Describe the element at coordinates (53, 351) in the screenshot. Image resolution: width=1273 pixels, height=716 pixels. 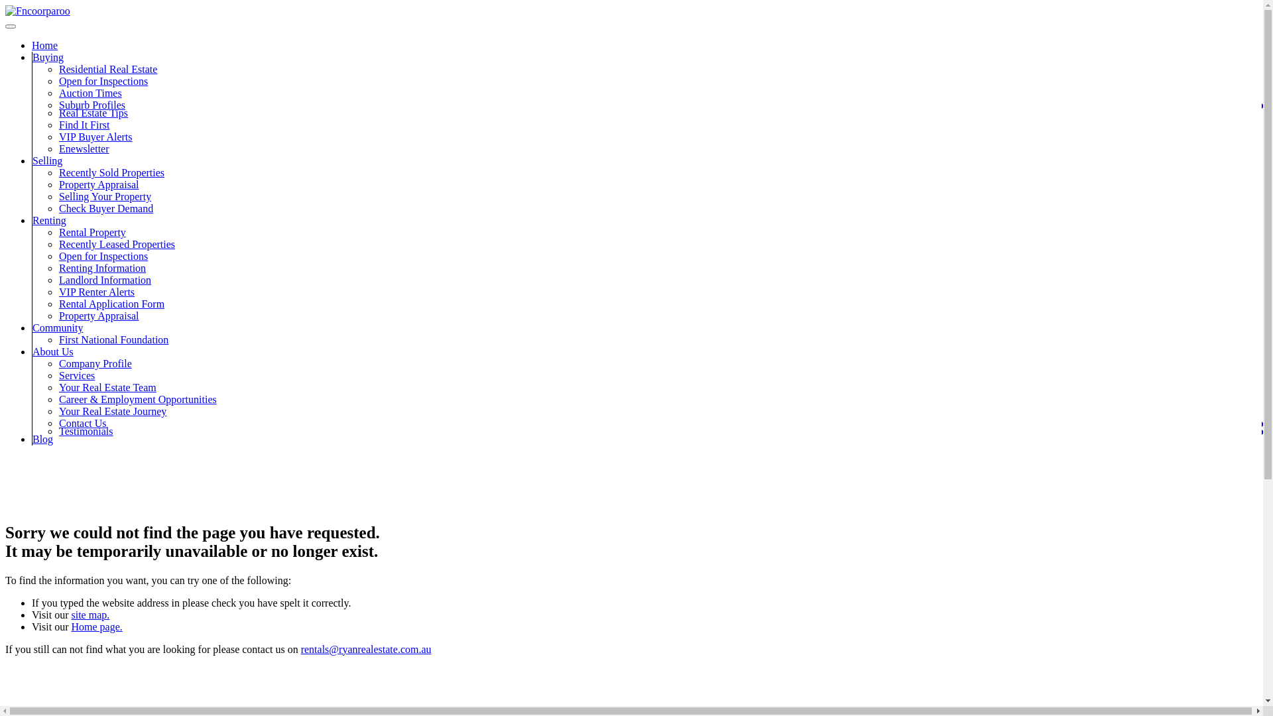
I see `'About Us'` at that location.